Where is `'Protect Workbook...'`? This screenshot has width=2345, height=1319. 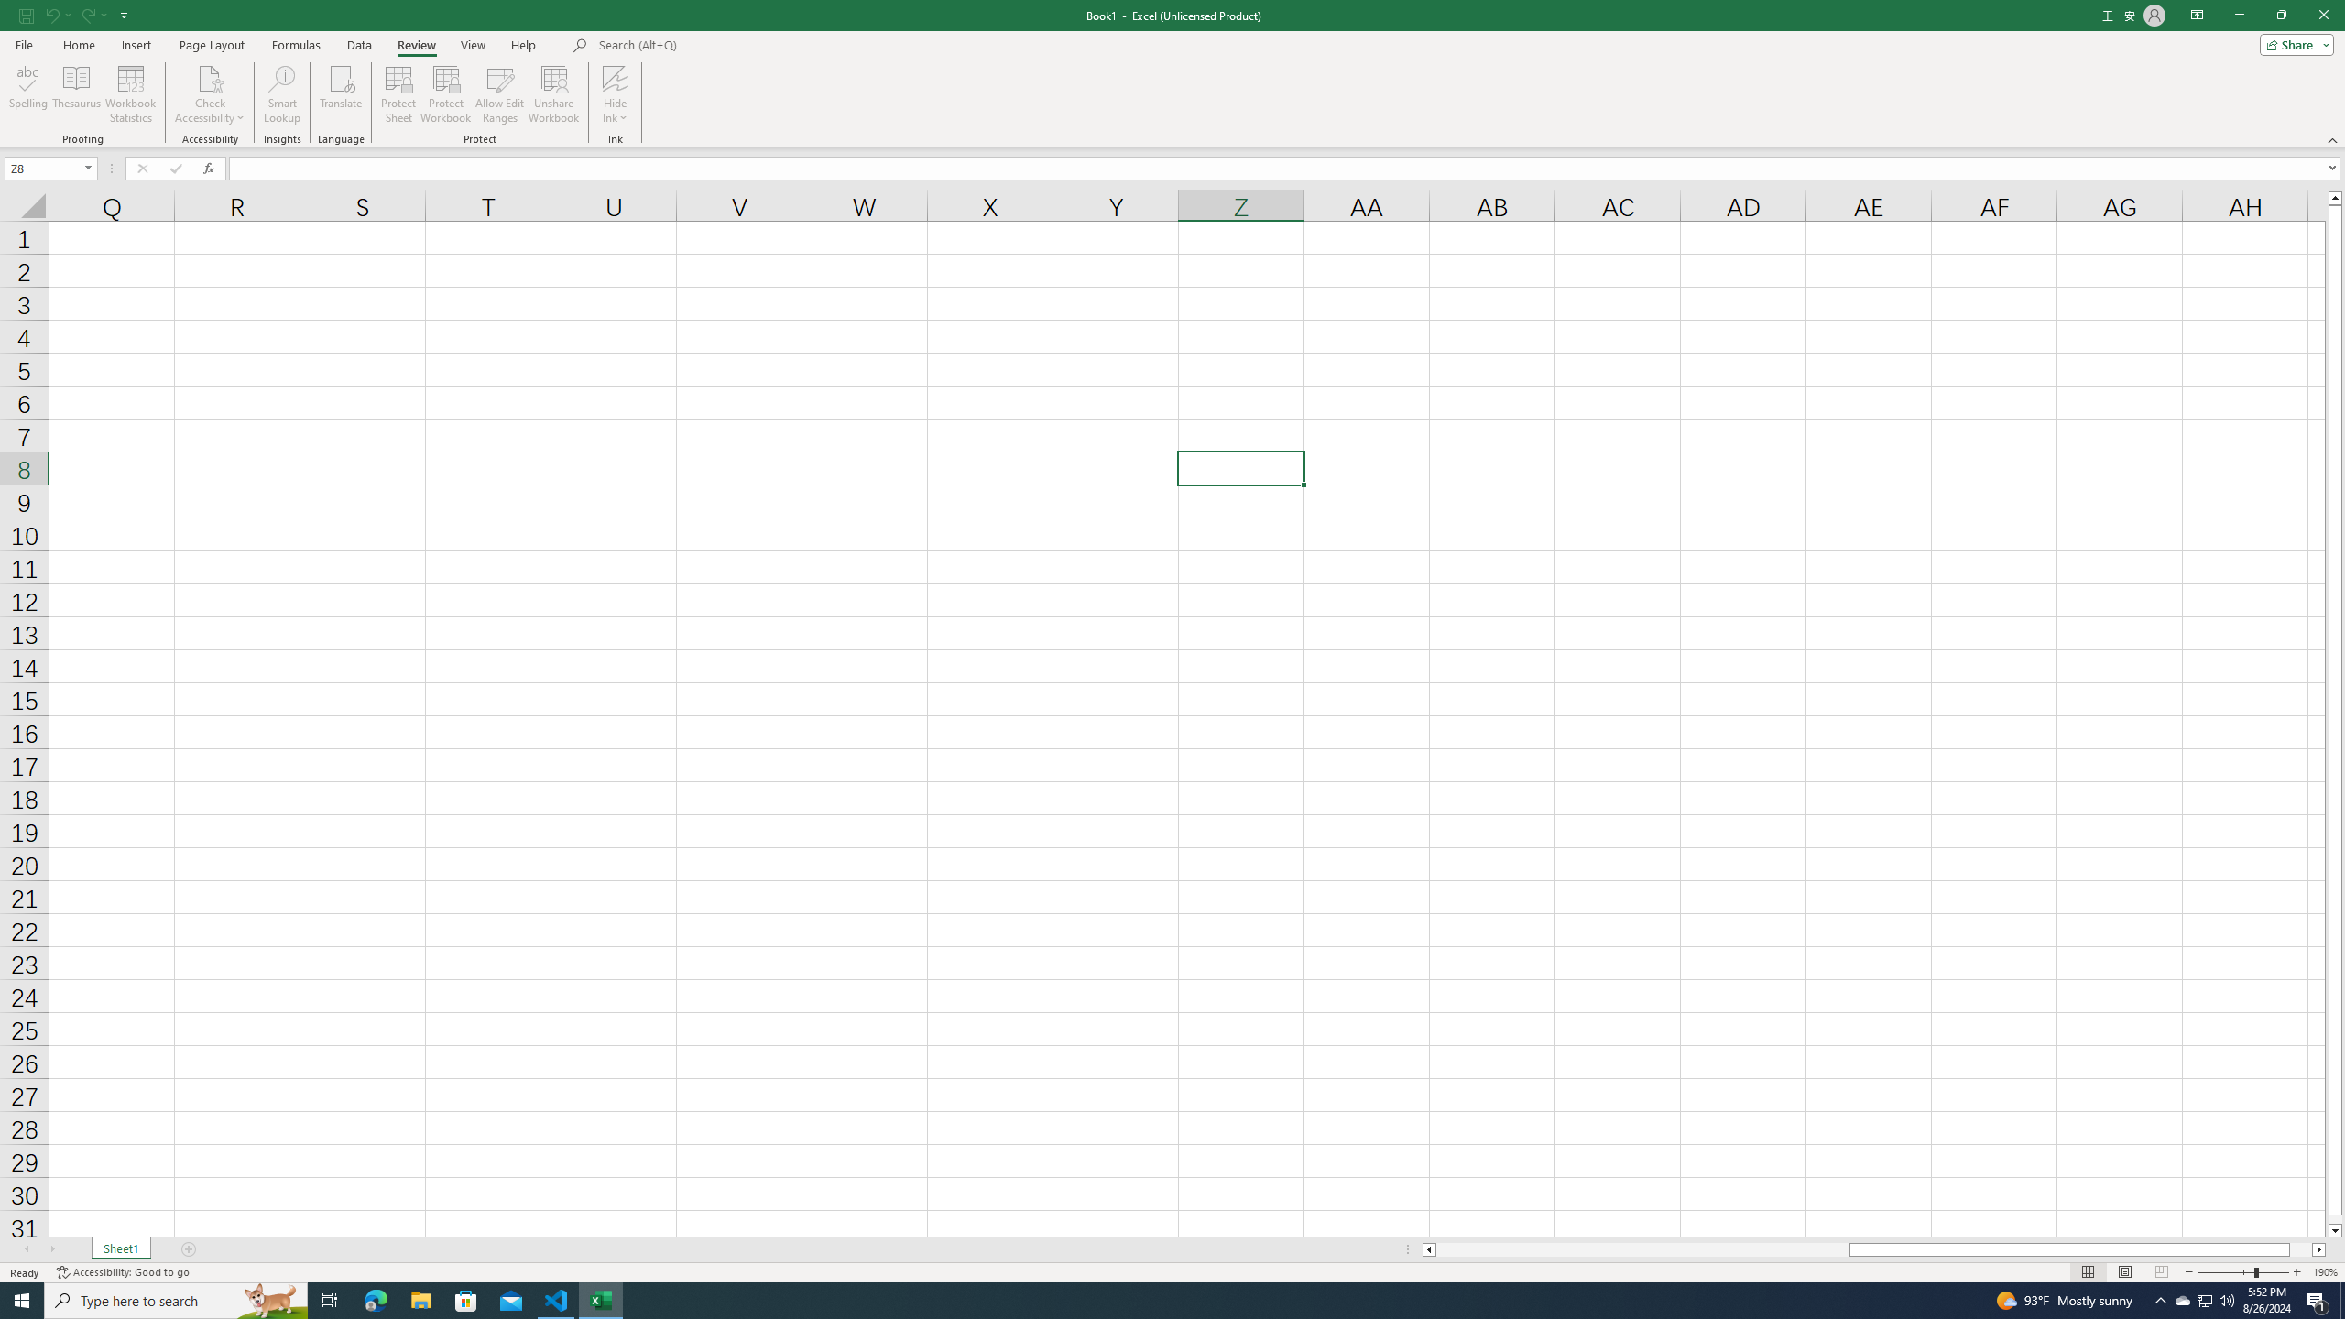 'Protect Workbook...' is located at coordinates (445, 94).